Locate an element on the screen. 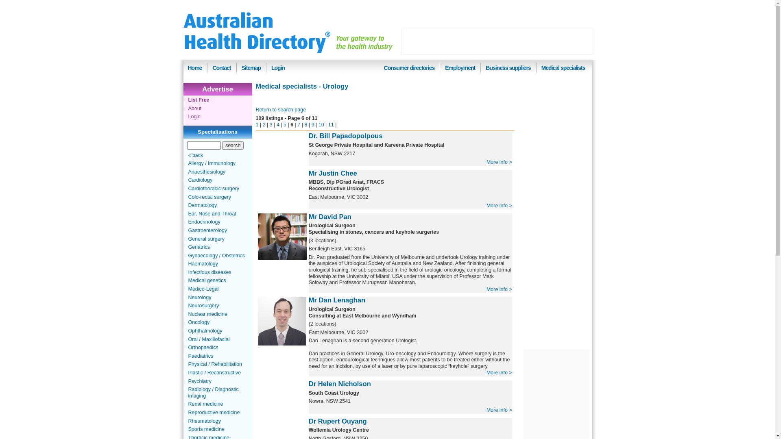 This screenshot has height=439, width=781. '2' is located at coordinates (263, 125).